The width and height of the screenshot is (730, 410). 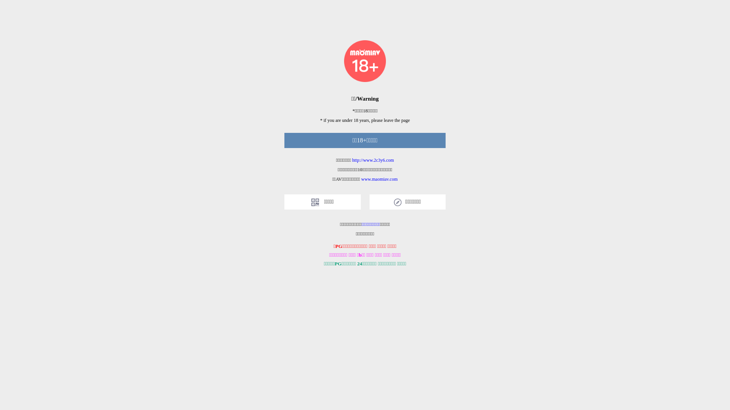 What do you see at coordinates (373, 159) in the screenshot?
I see `'http://www.2c3y6.com'` at bounding box center [373, 159].